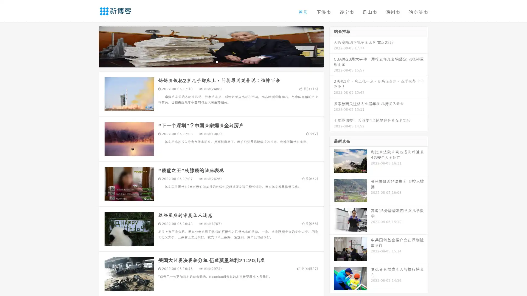 This screenshot has height=296, width=527. Describe the element at coordinates (205, 62) in the screenshot. I see `Go to slide 1` at that location.